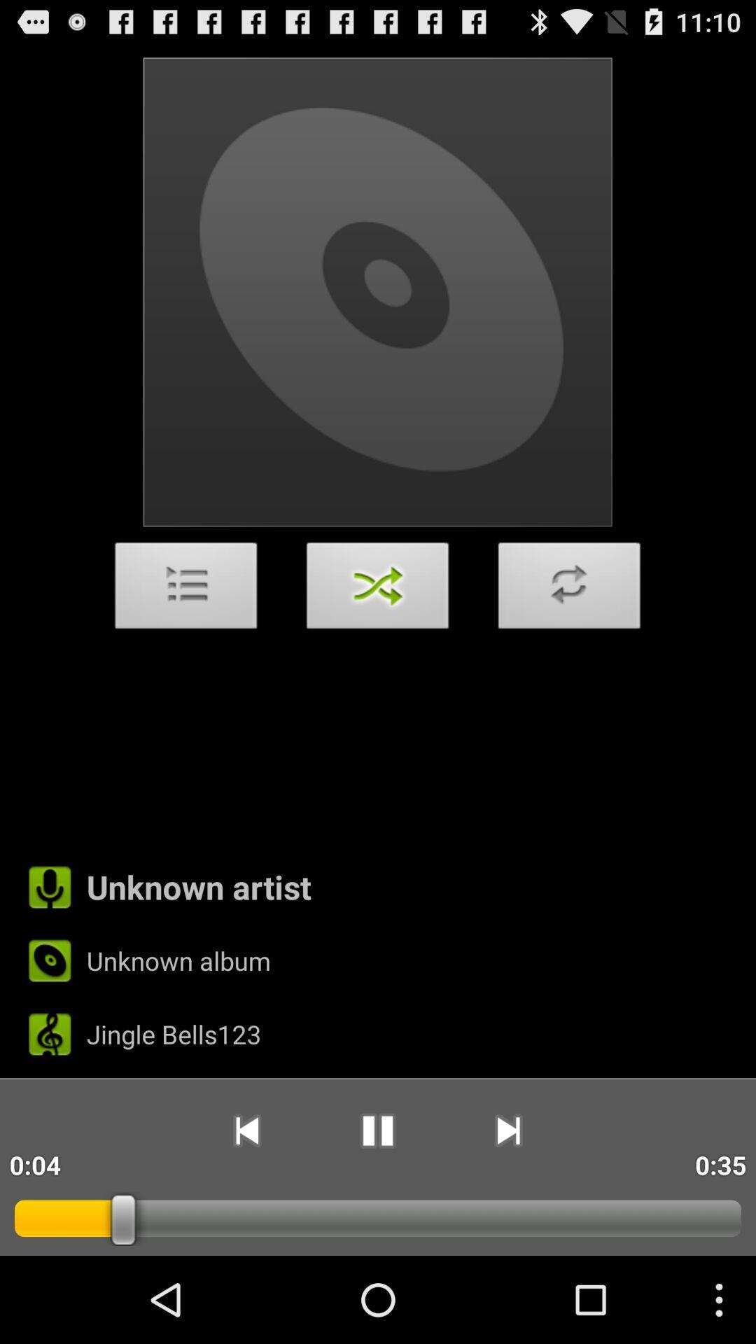  What do you see at coordinates (569, 589) in the screenshot?
I see `the item on the right` at bounding box center [569, 589].